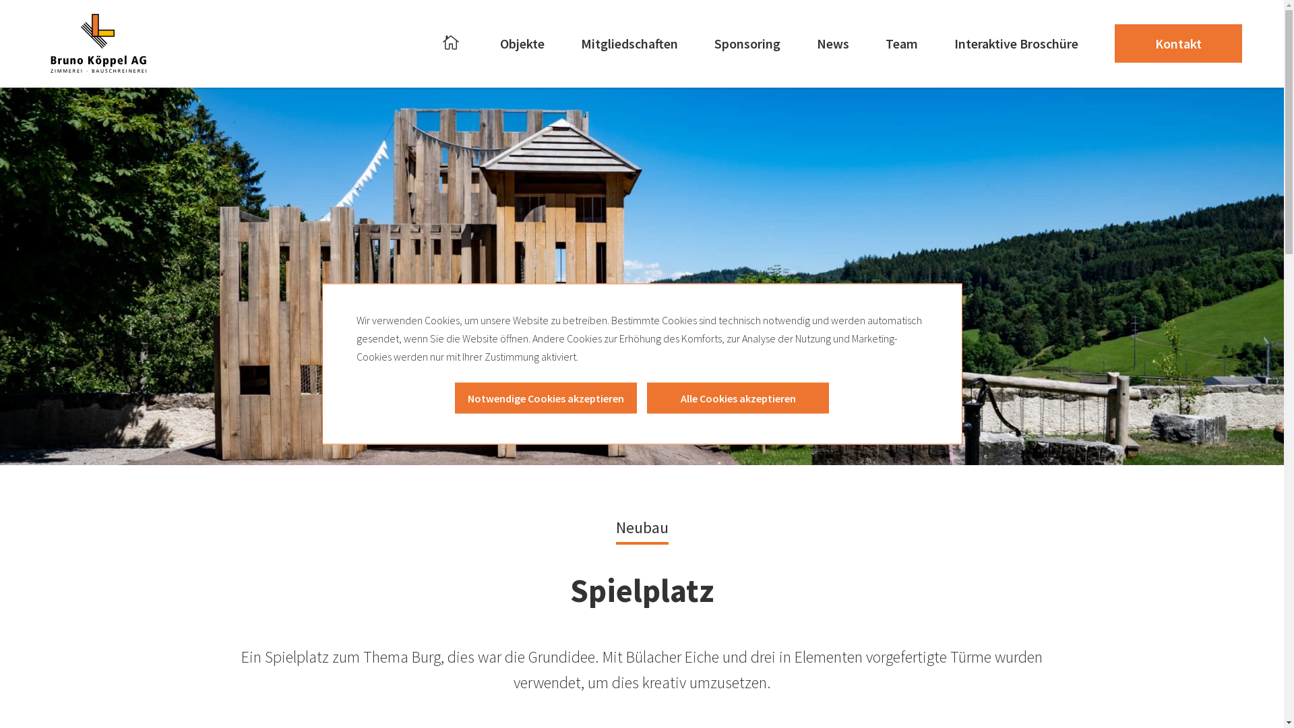 This screenshot has height=728, width=1294. What do you see at coordinates (1177, 43) in the screenshot?
I see `'Kontakt'` at bounding box center [1177, 43].